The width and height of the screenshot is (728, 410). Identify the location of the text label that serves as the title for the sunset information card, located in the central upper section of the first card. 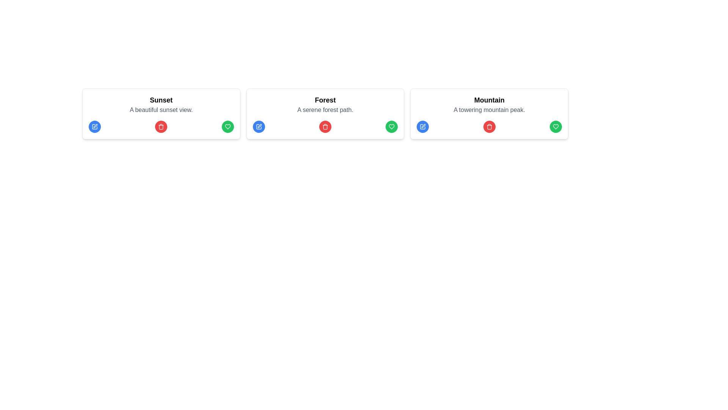
(161, 99).